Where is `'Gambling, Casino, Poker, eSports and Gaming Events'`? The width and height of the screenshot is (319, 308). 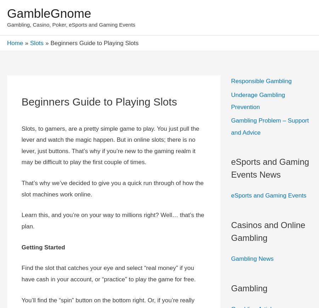
'Gambling, Casino, Poker, eSports and Gaming Events' is located at coordinates (71, 25).